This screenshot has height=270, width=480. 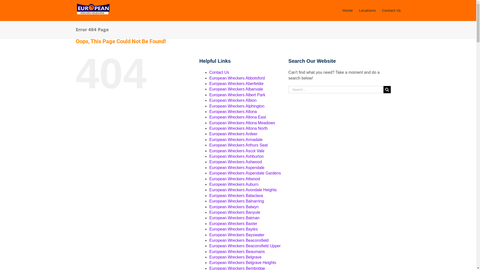 I want to click on 'Contact Us', so click(x=391, y=10).